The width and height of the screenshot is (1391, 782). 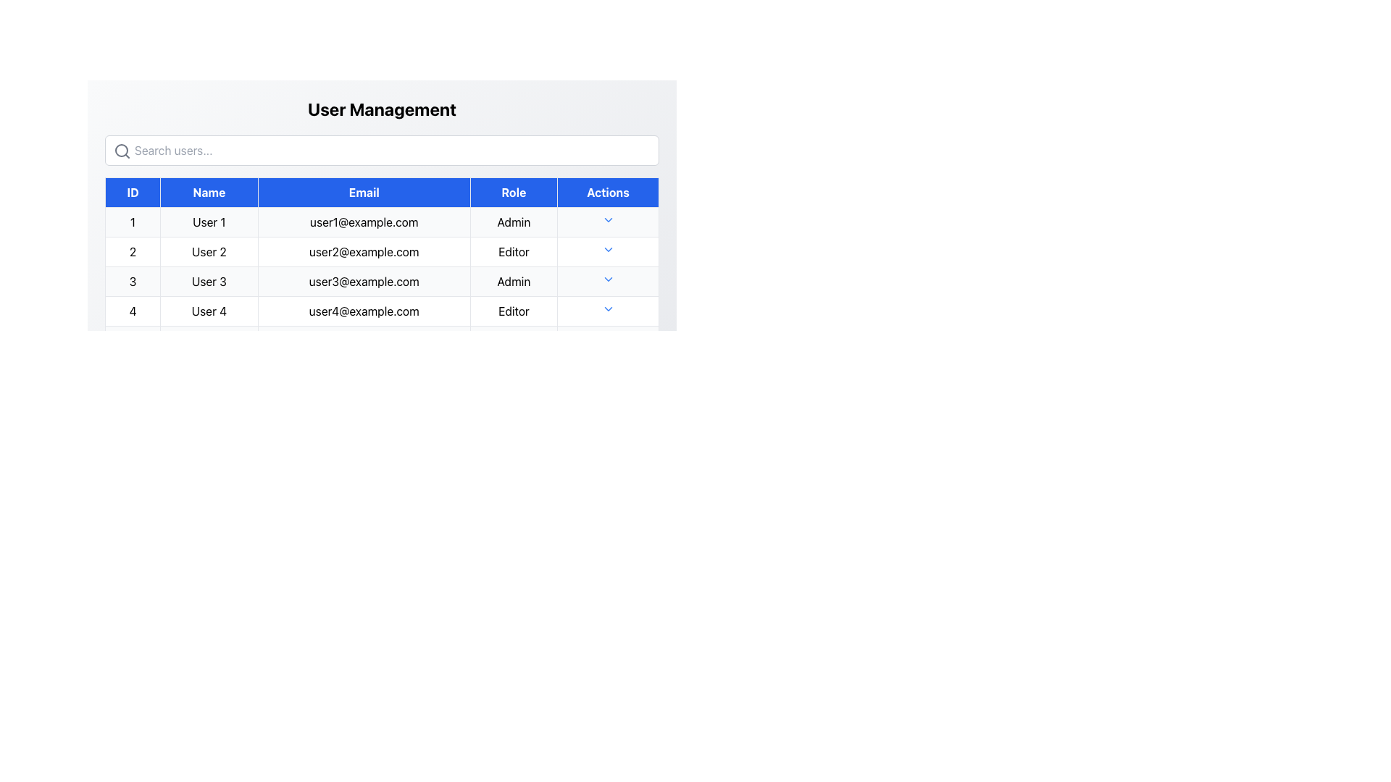 What do you see at coordinates (608, 279) in the screenshot?
I see `the Dropdown trigger button in the third row of the 'Actions' column` at bounding box center [608, 279].